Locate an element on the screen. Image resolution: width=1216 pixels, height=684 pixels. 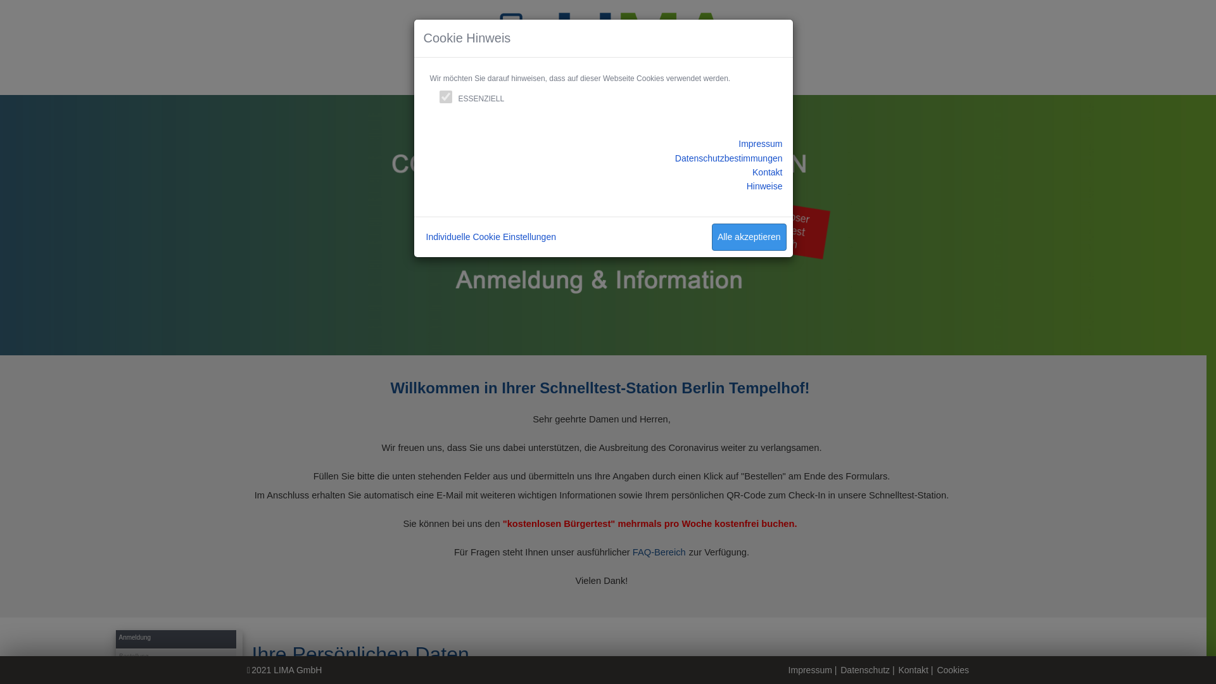
'Impressum' is located at coordinates (738, 143).